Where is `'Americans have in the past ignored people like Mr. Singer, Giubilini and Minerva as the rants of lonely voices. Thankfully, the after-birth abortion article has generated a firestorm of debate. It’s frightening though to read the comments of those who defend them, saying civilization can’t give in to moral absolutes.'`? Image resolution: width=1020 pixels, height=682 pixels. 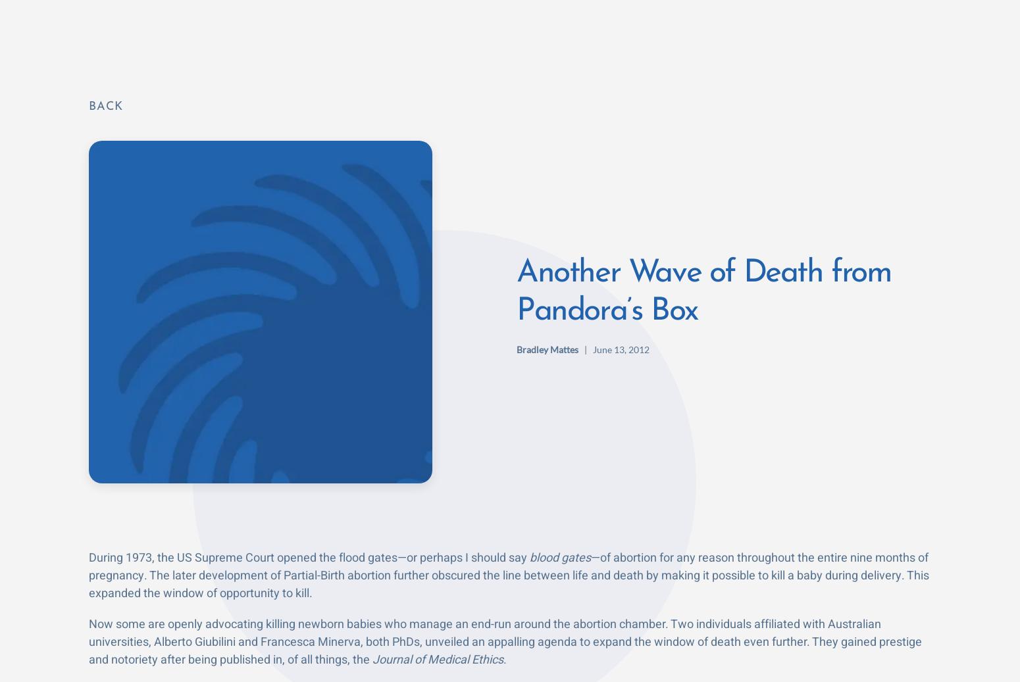
'Americans have in the past ignored people like Mr. Singer, Giubilini and Minerva as the rants of lonely voices. Thankfully, the after-birth abortion article has generated a firestorm of debate. It’s frightening though to read the comments of those who defend them, saying civilization can’t give in to moral absolutes.' is located at coordinates (492, 434).